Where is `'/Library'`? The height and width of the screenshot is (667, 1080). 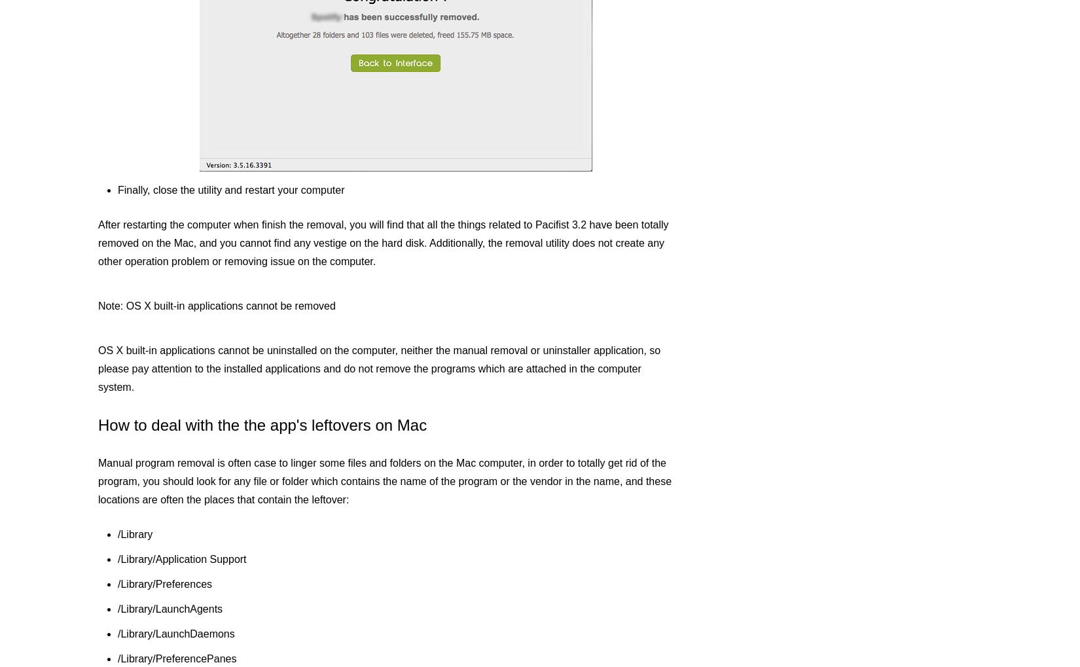
'/Library' is located at coordinates (135, 534).